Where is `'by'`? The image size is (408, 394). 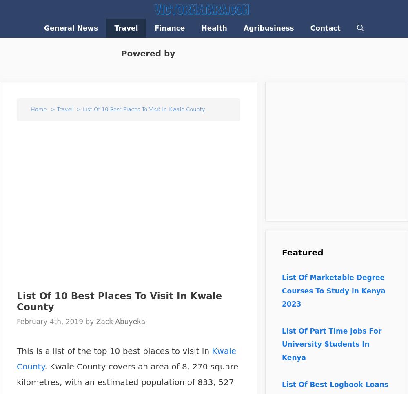
'by' is located at coordinates (90, 321).